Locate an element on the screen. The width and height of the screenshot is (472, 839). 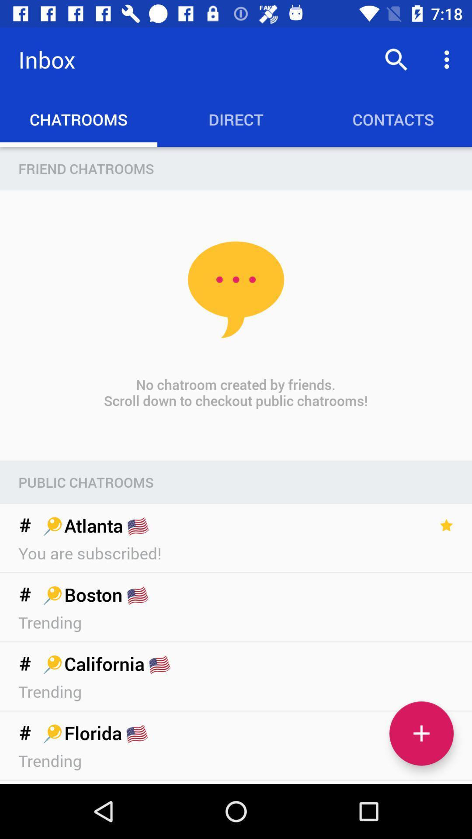
show more chatrooms is located at coordinates (421, 733).